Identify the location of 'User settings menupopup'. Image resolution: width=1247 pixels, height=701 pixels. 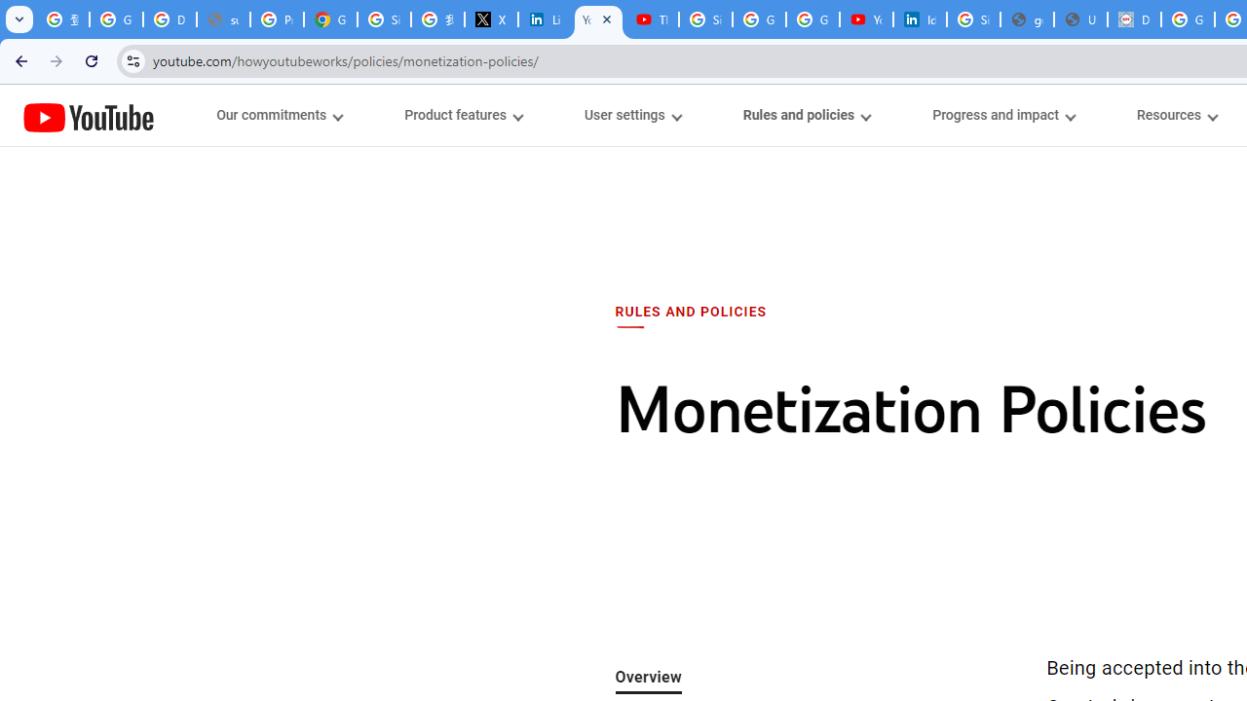
(631, 115).